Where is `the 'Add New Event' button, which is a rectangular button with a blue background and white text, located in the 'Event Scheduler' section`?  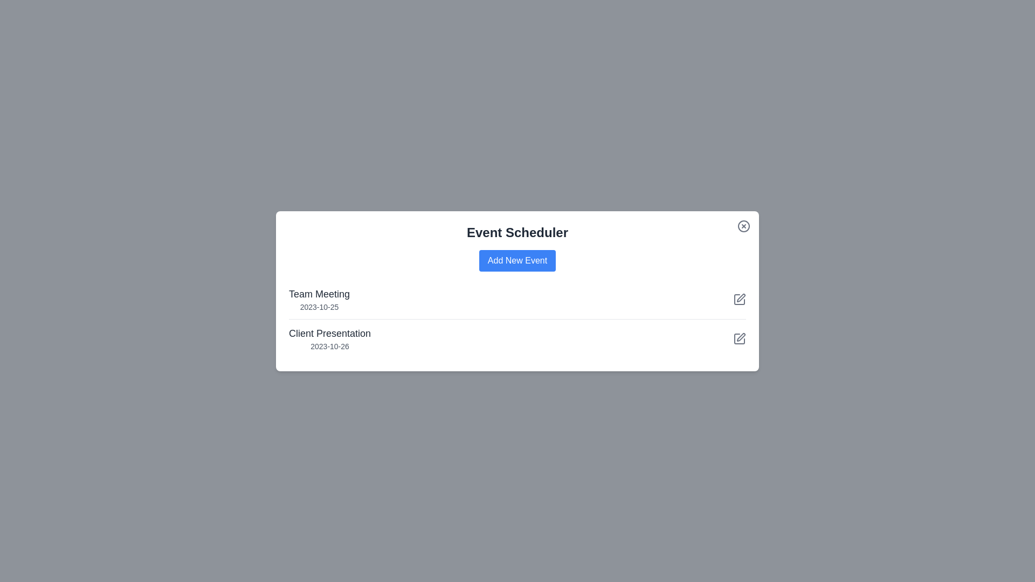 the 'Add New Event' button, which is a rectangular button with a blue background and white text, located in the 'Event Scheduler' section is located at coordinates (517, 260).